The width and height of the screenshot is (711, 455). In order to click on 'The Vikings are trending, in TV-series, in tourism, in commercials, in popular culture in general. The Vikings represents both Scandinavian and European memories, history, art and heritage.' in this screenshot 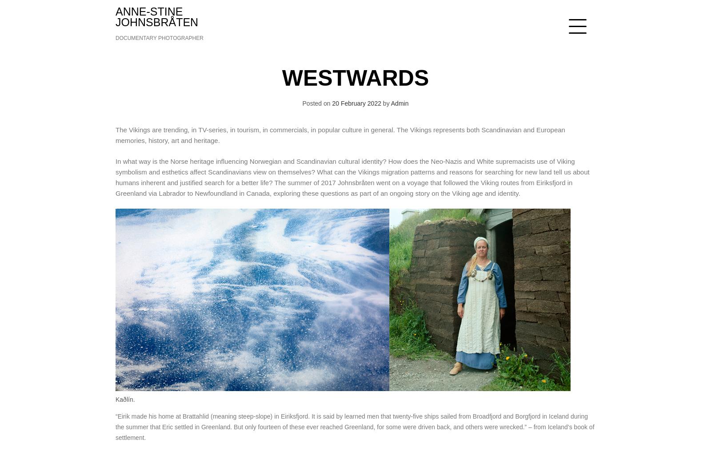, I will do `click(340, 135)`.